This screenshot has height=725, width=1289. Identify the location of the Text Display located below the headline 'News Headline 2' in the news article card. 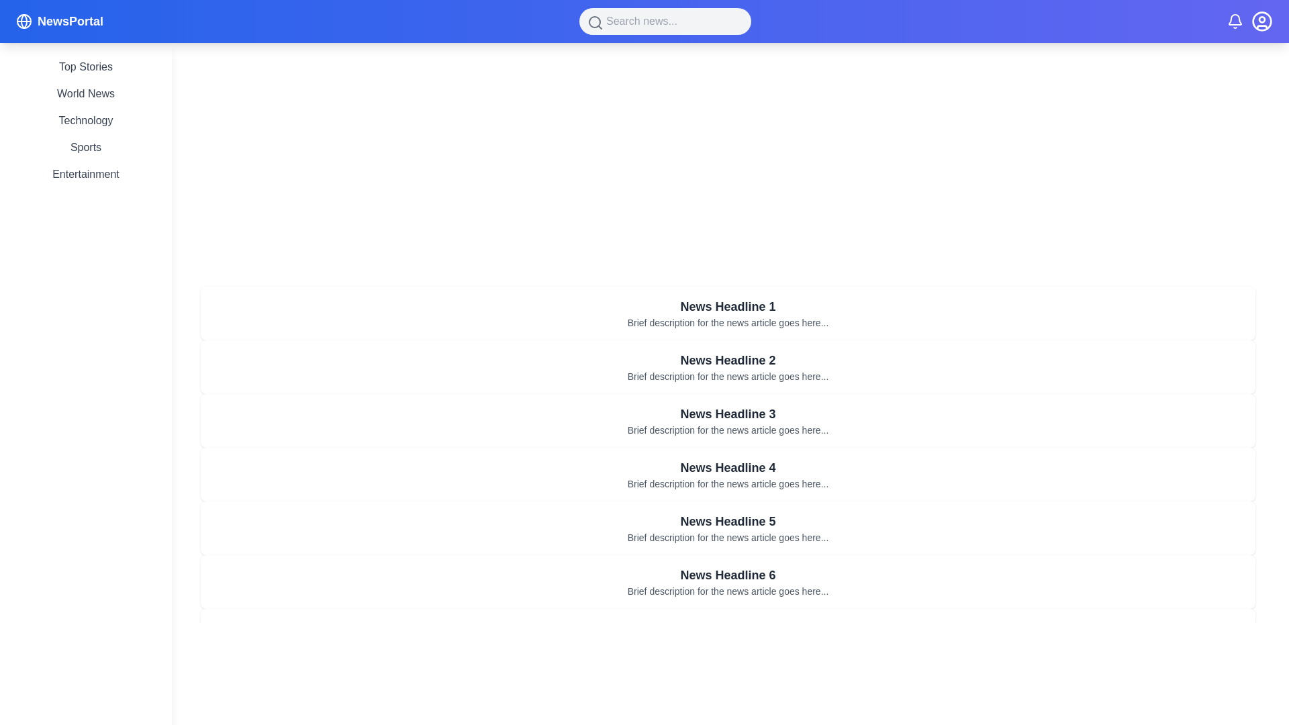
(727, 376).